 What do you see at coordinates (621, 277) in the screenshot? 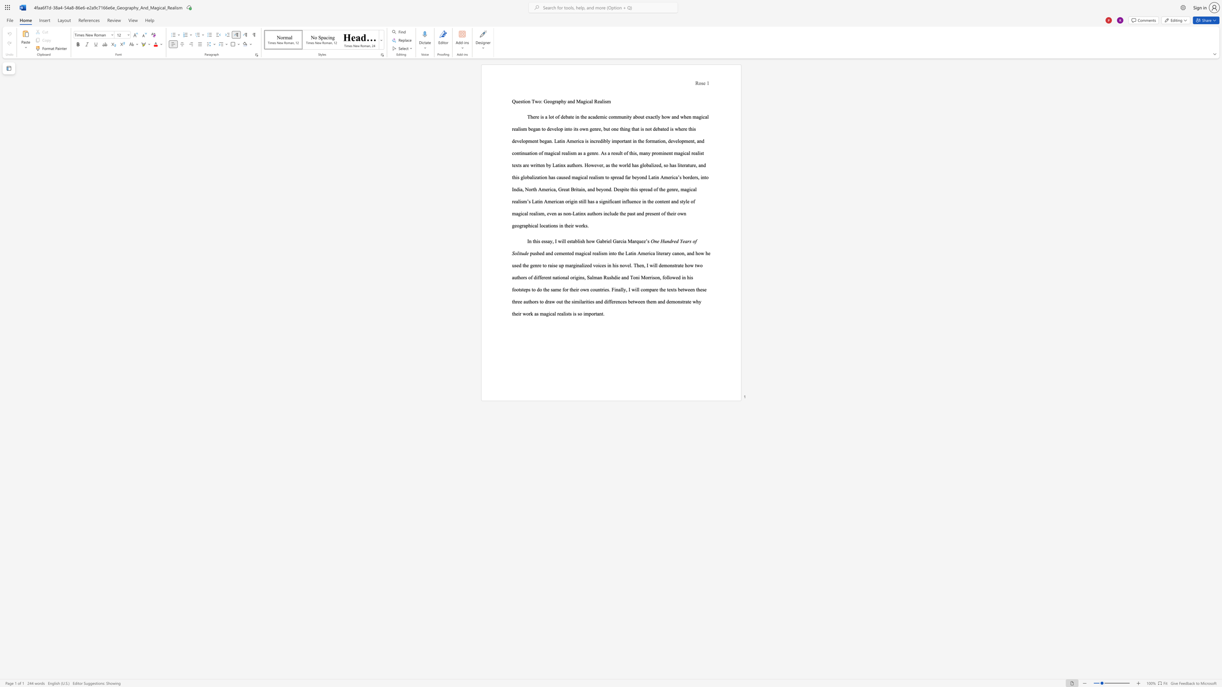
I see `the subset text "and Toni M" within the text "how two authors of different national origins, Salman Rushdie and Toni Morrison,"` at bounding box center [621, 277].